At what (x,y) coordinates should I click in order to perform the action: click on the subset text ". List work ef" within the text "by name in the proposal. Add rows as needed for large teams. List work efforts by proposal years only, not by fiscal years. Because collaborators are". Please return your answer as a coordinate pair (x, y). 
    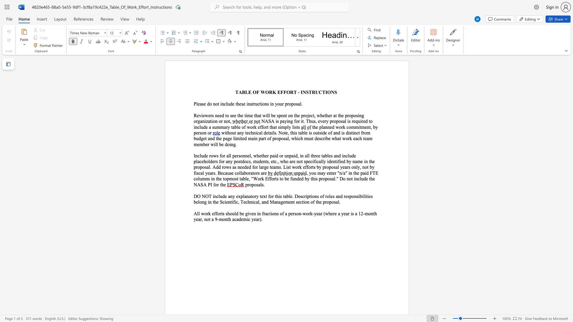
    Looking at the image, I should click on (281, 167).